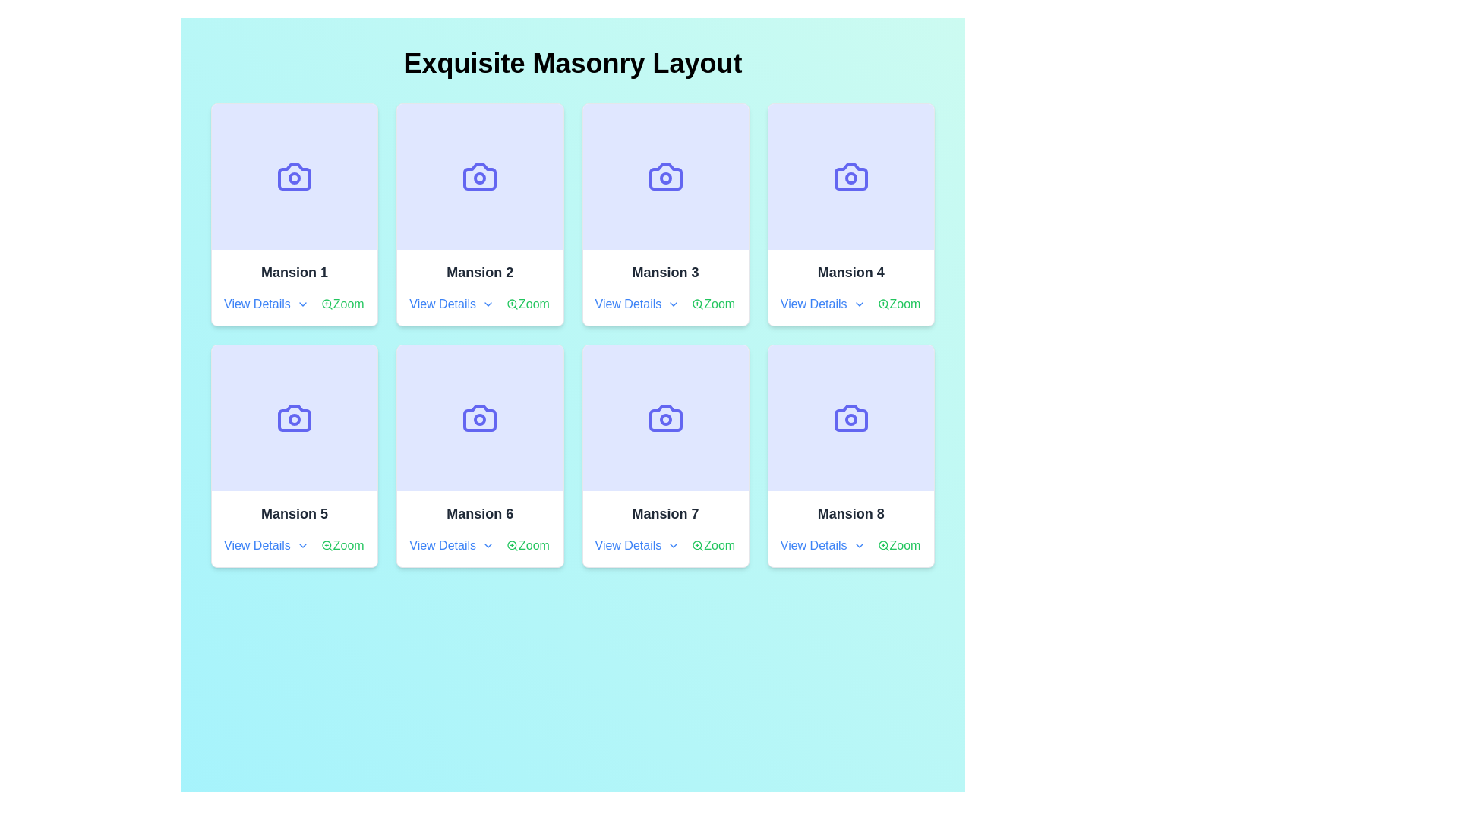  Describe the element at coordinates (850, 175) in the screenshot. I see `the decorative camera icon located within the 'Mansion 4' card in the second row, fourth column of the grid layout` at that location.